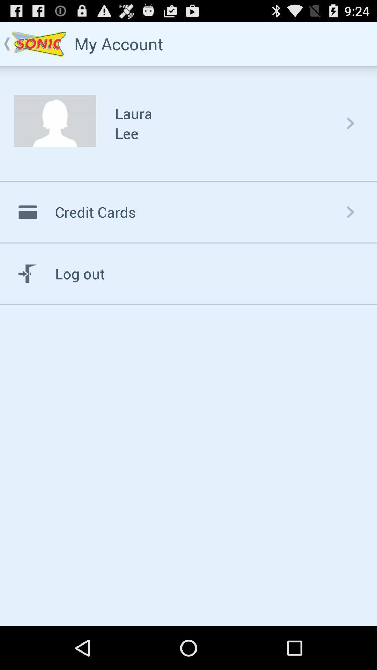  Describe the element at coordinates (55, 121) in the screenshot. I see `the empty photo image to the left of laura lee text` at that location.